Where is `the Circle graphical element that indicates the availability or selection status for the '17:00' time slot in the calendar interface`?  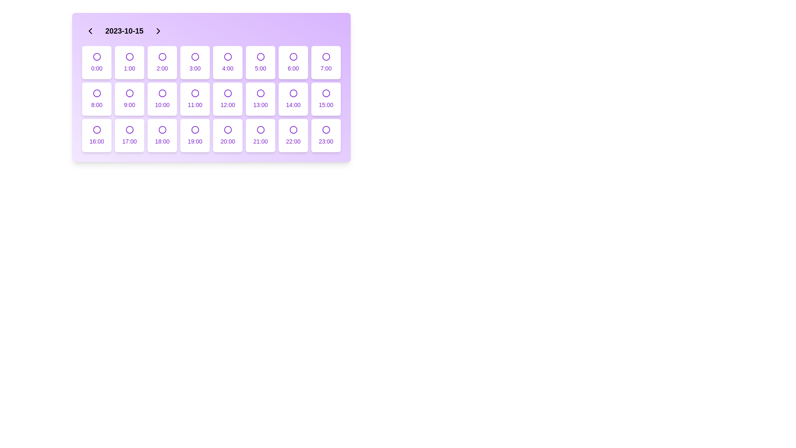
the Circle graphical element that indicates the availability or selection status for the '17:00' time slot in the calendar interface is located at coordinates (129, 129).